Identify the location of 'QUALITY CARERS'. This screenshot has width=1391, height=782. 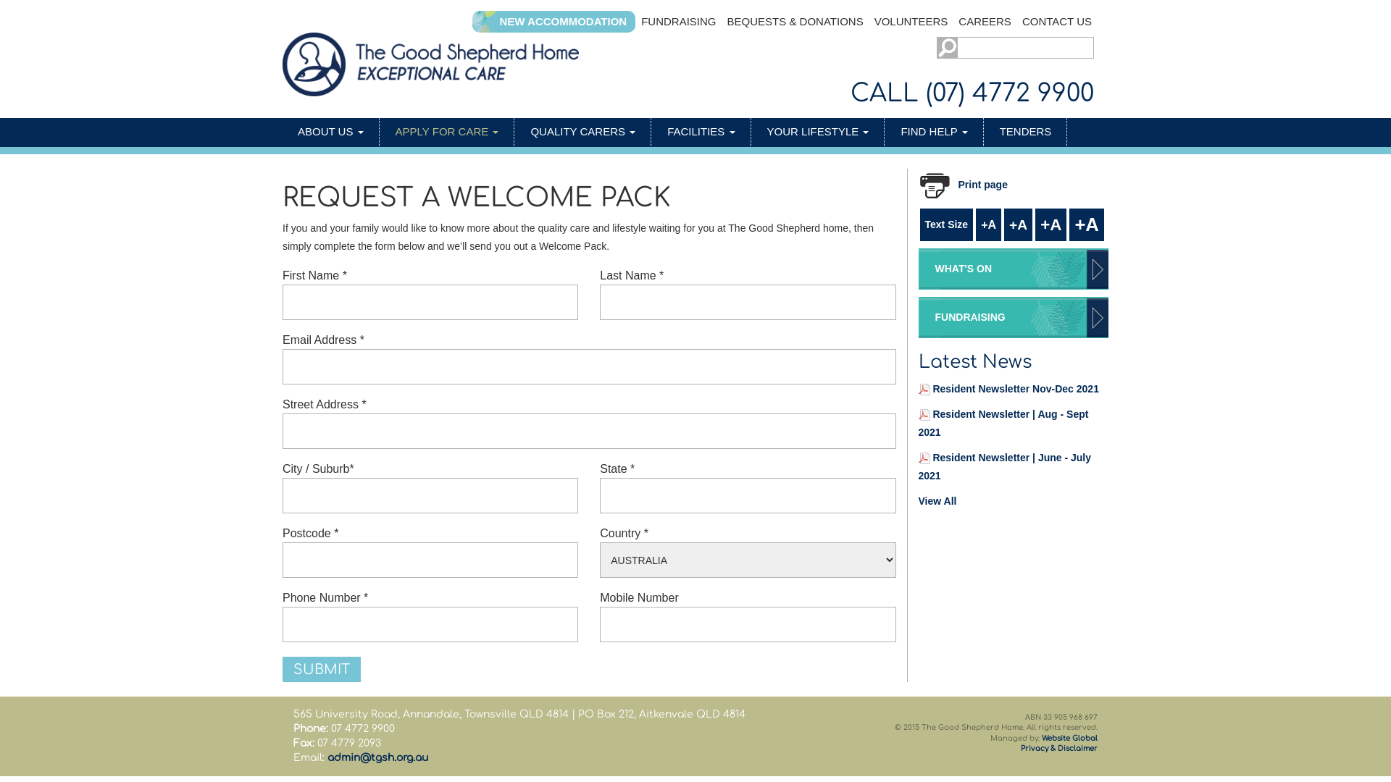
(583, 132).